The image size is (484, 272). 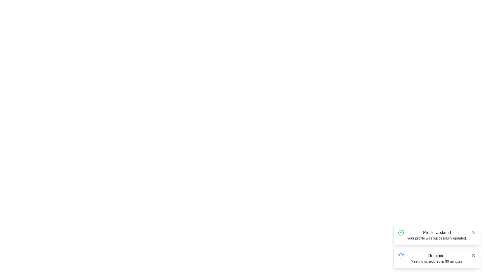 I want to click on the Text label that displays the title or header for the notification at the bottom-right corner of the interface, so click(x=437, y=256).